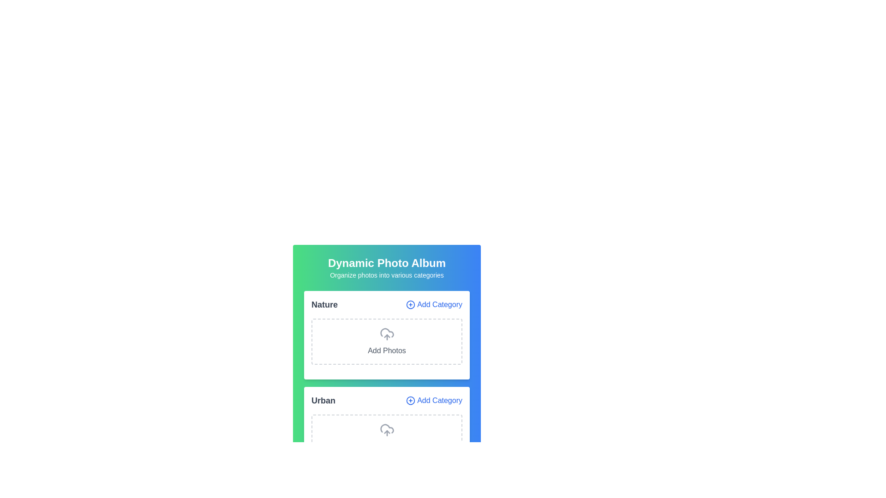 The image size is (886, 498). I want to click on the 'Add Photos' text label located at the bottom of the 'Nature' card, which has dashed borders and a cloud icon above it, so click(387, 350).